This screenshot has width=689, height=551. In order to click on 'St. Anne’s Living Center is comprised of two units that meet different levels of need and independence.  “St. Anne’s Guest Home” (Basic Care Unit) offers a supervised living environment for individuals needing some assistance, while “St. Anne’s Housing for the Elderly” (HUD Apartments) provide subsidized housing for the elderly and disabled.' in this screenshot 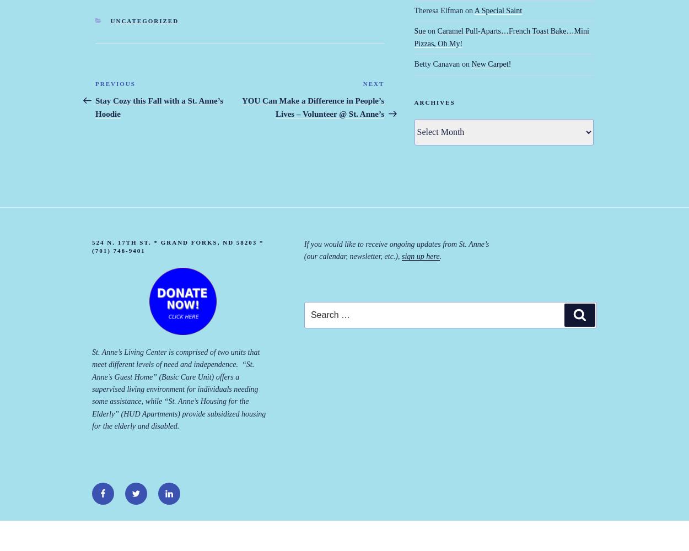, I will do `click(178, 388)`.